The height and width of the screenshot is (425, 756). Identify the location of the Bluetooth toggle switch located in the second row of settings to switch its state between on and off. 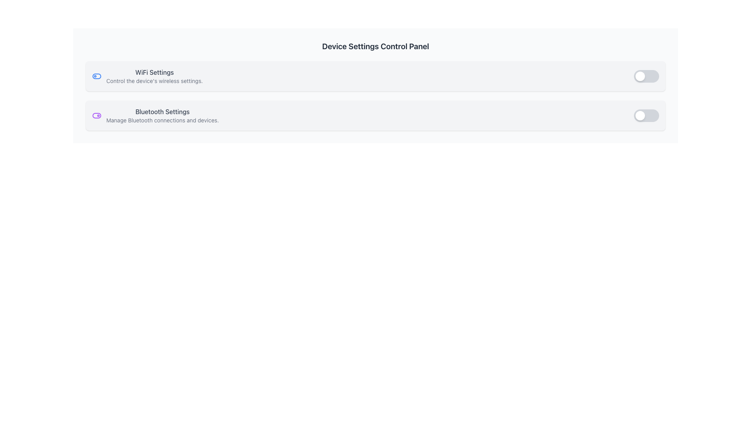
(646, 115).